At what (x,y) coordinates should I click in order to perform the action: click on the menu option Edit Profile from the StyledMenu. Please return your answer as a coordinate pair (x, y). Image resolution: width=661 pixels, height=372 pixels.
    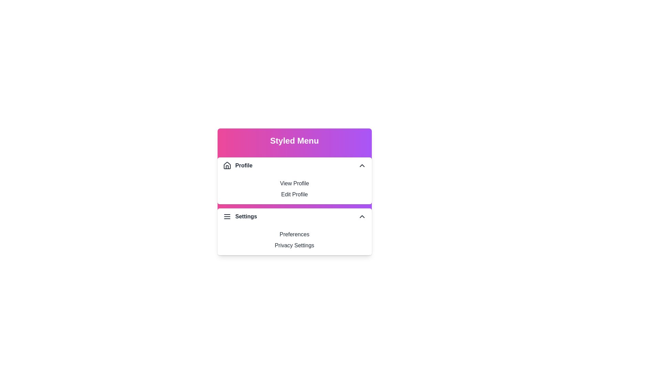
    Looking at the image, I should click on (294, 194).